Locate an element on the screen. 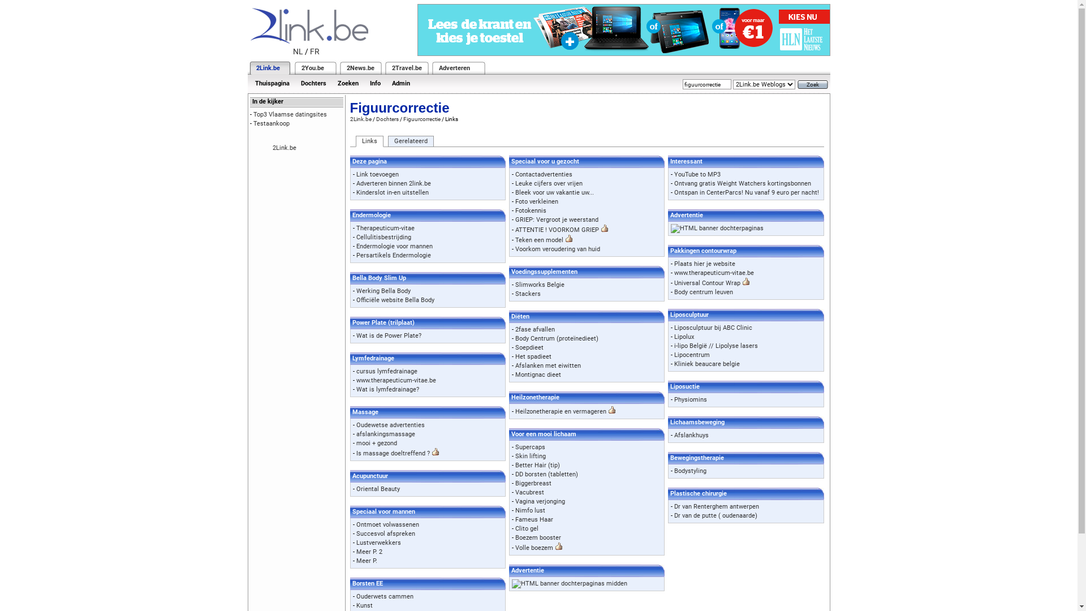 Image resolution: width=1086 pixels, height=611 pixels. 'www.therapeuticum-vitae.be' is located at coordinates (713, 273).